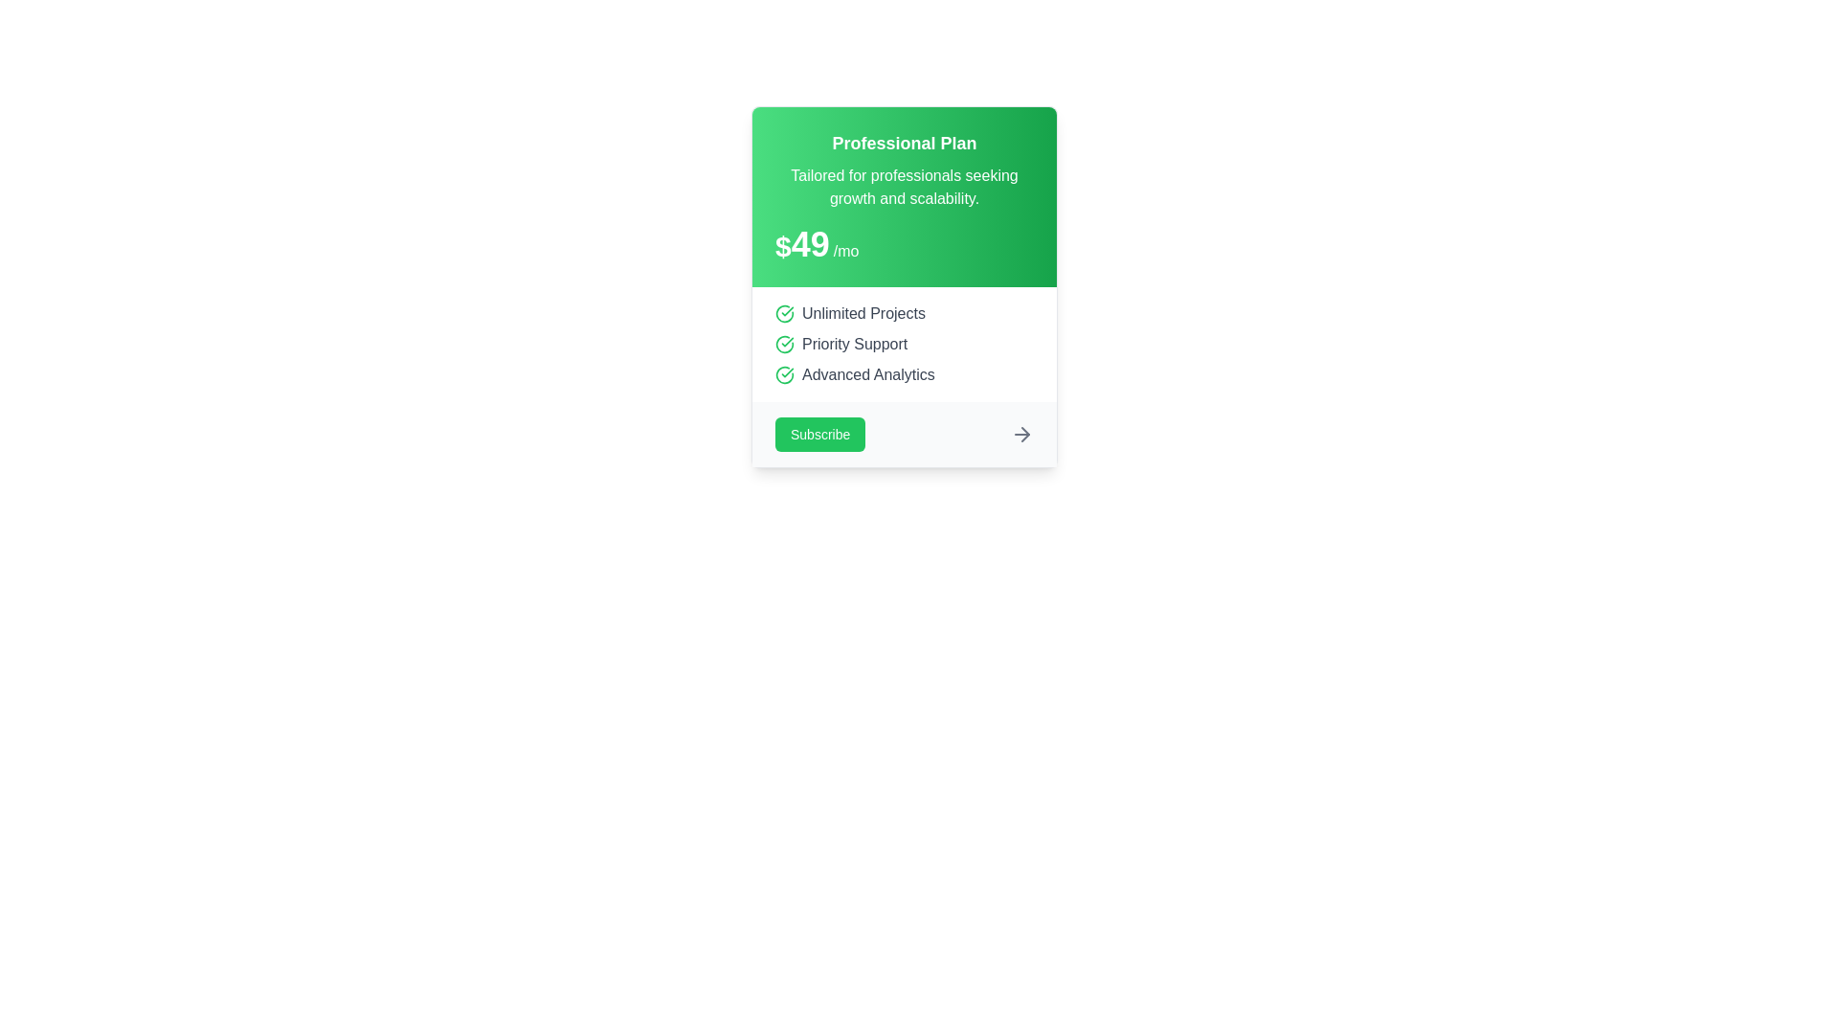  What do you see at coordinates (785, 312) in the screenshot?
I see `the icon that visually denotes a feature included in the Professional Plan, located to the left of the text 'Unlimited Projects'` at bounding box center [785, 312].